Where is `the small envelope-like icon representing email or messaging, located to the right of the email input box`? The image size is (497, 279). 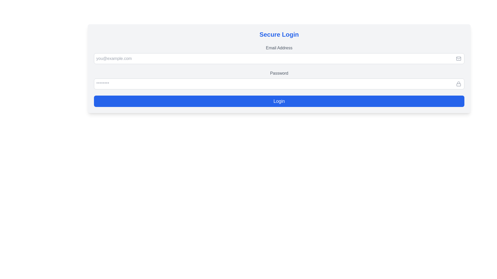 the small envelope-like icon representing email or messaging, located to the right of the email input box is located at coordinates (458, 58).